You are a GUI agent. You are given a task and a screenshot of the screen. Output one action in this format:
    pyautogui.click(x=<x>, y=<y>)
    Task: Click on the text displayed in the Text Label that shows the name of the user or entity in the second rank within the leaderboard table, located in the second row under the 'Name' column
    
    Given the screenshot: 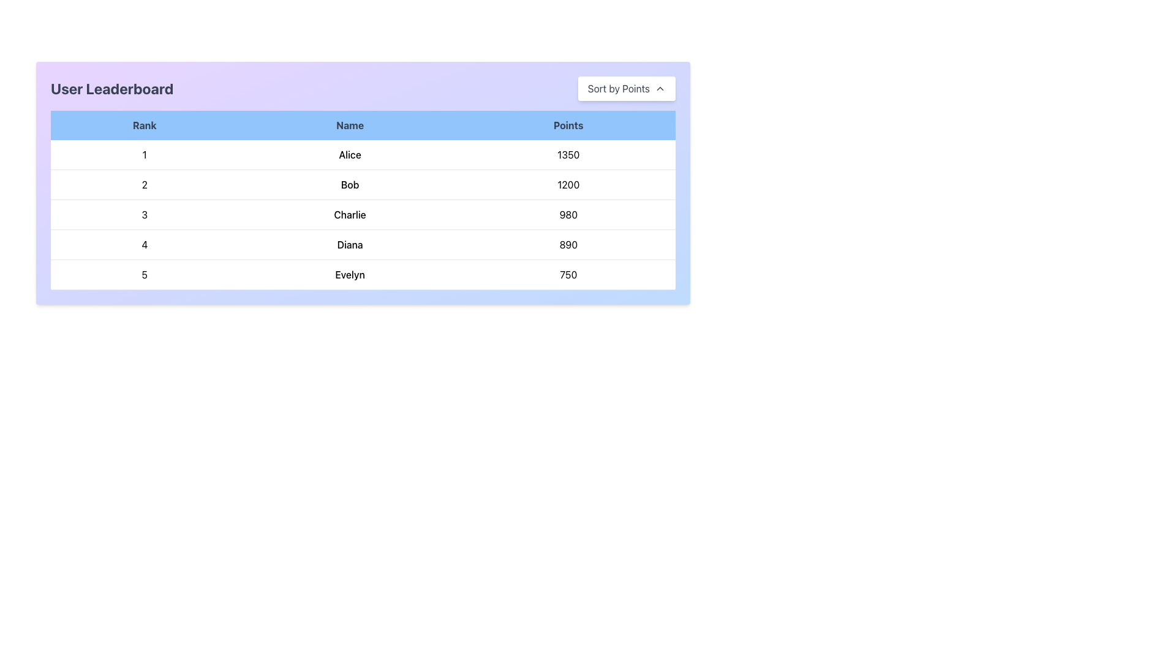 What is the action you would take?
    pyautogui.click(x=349, y=184)
    